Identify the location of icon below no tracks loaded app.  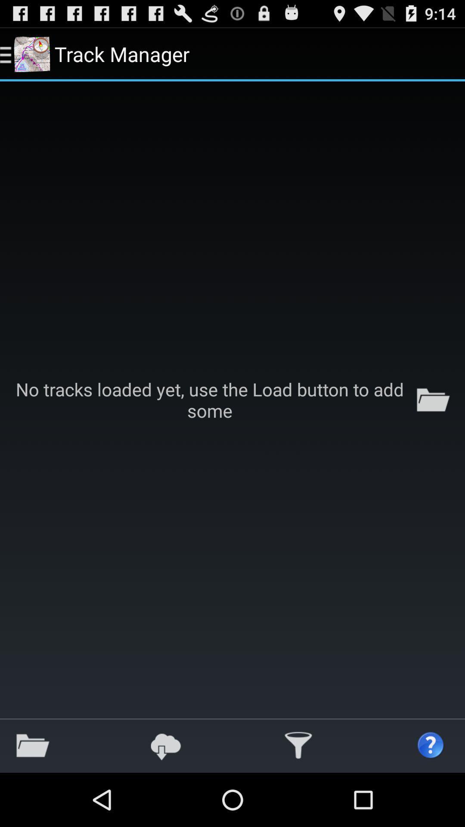
(32, 745).